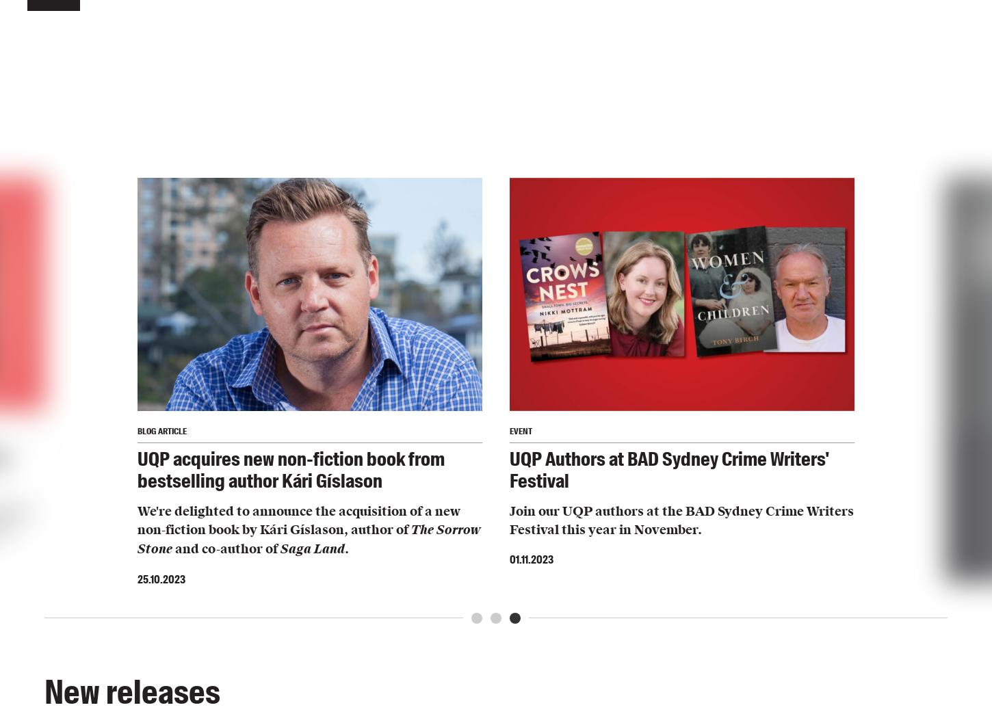 This screenshot has width=992, height=714. Describe the element at coordinates (391, 156) in the screenshot. I see `'Teachers' notes'` at that location.